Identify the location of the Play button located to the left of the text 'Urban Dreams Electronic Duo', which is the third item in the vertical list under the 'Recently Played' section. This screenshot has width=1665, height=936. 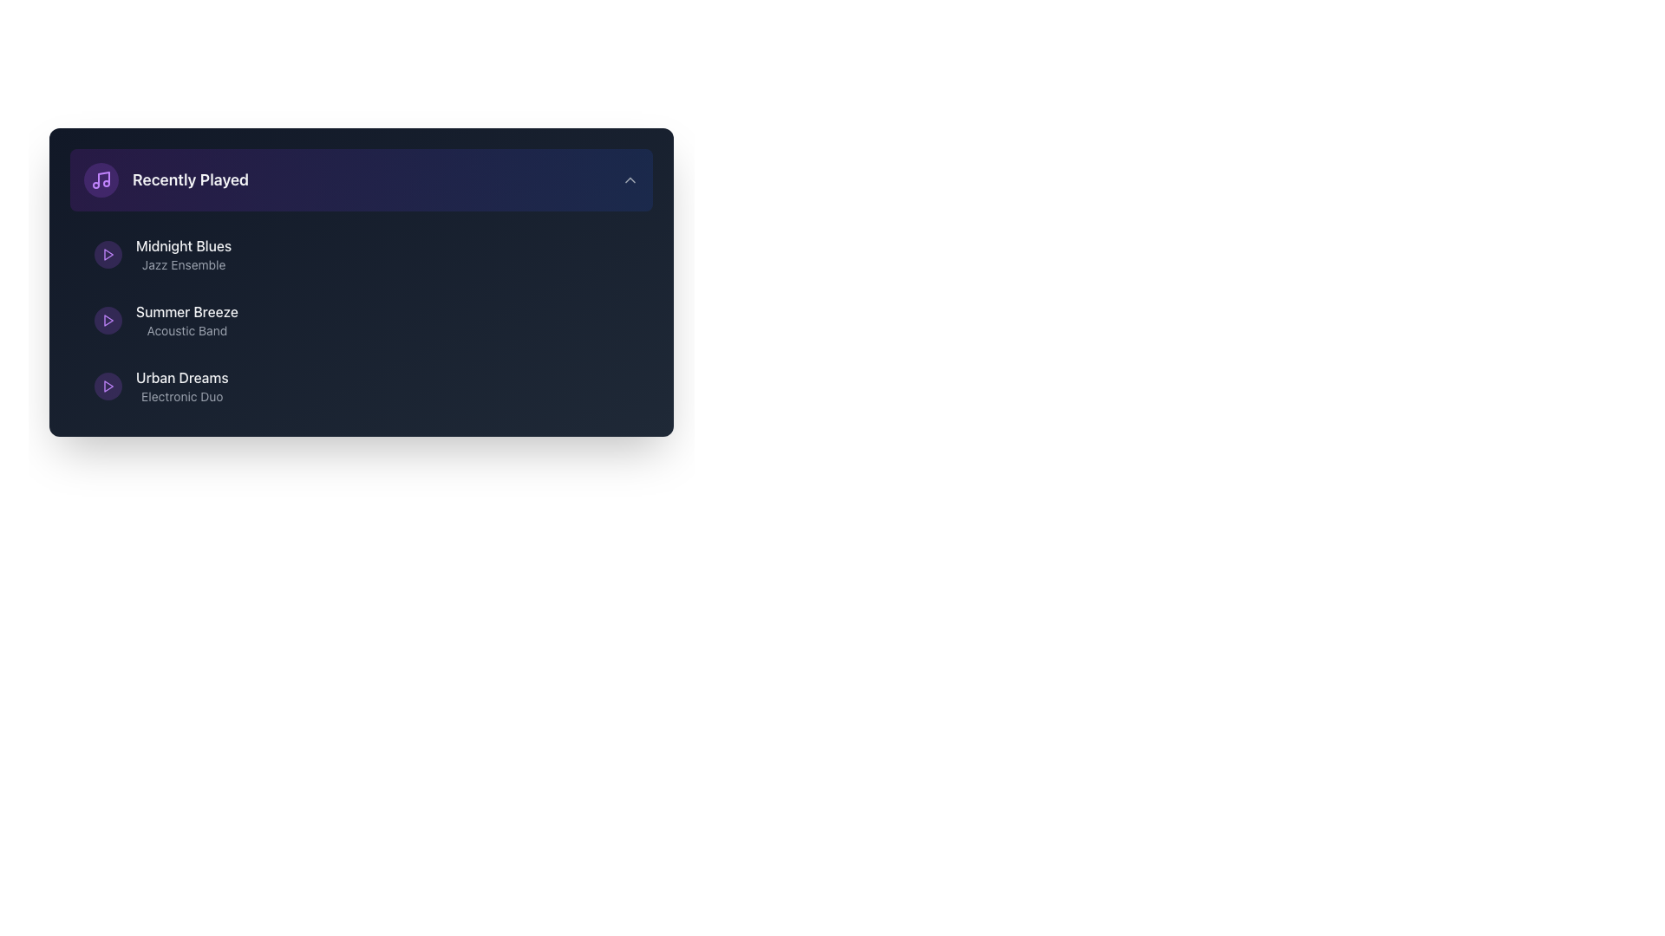
(107, 386).